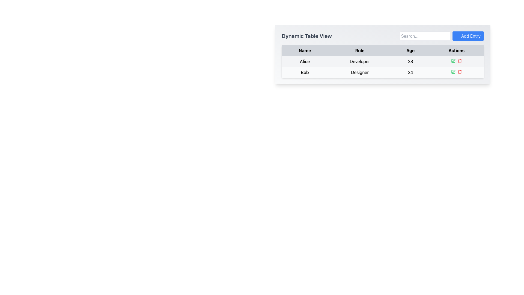  I want to click on the text element displaying 'Bob' located in the 'Name' column of the table, second from the top, adjacent to 'Designer' and '24', so click(304, 72).